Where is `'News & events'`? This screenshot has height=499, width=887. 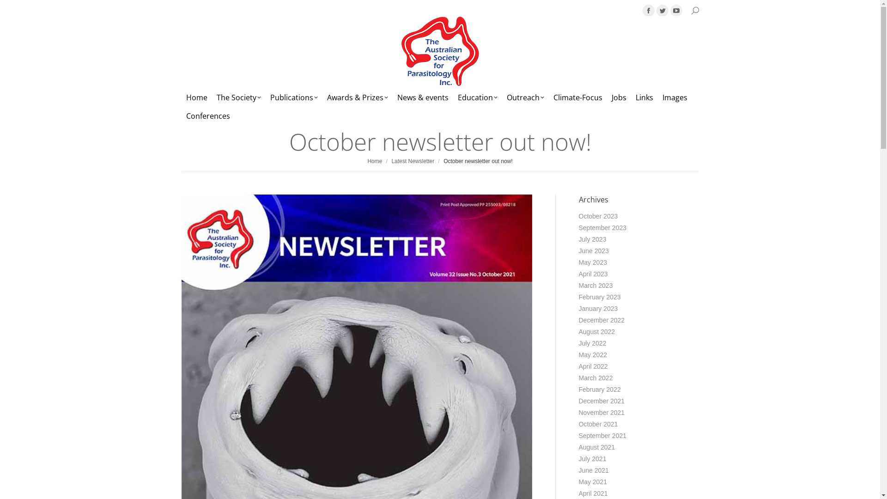 'News & events' is located at coordinates (422, 97).